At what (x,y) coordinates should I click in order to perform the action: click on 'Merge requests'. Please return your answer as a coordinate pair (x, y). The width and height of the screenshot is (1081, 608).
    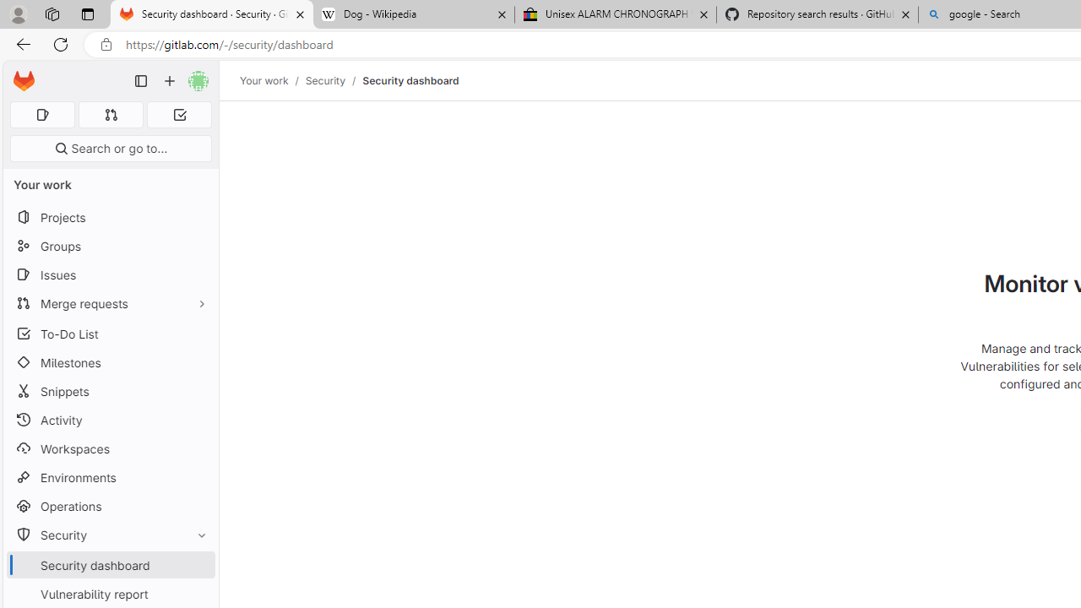
    Looking at the image, I should click on (110, 302).